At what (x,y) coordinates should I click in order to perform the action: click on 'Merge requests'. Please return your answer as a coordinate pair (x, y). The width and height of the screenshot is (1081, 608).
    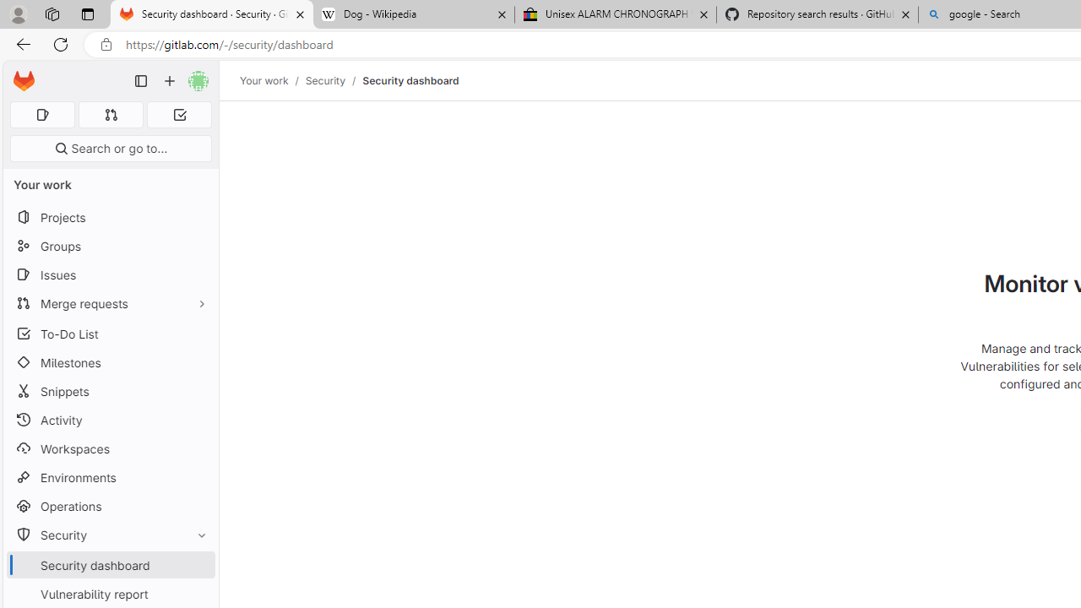
    Looking at the image, I should click on (110, 302).